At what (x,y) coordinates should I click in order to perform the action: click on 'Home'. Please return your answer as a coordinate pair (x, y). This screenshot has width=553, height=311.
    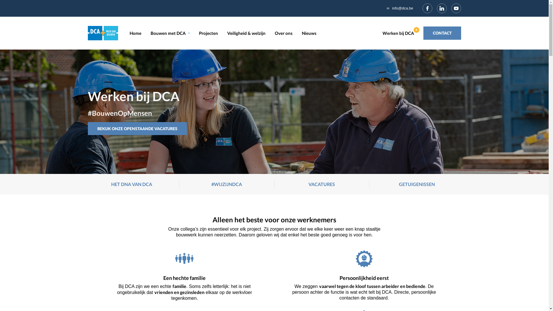
    Looking at the image, I should click on (135, 33).